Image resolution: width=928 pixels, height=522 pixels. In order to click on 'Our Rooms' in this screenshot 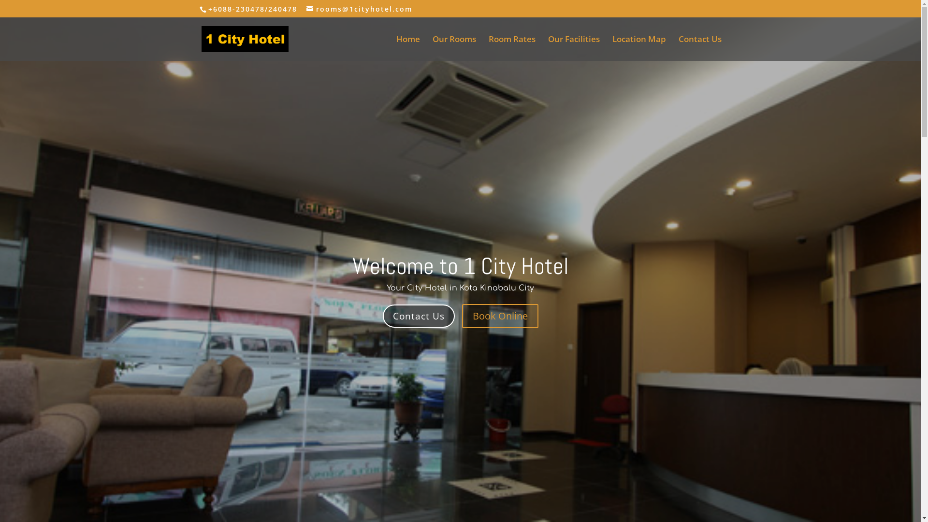, I will do `click(431, 48)`.